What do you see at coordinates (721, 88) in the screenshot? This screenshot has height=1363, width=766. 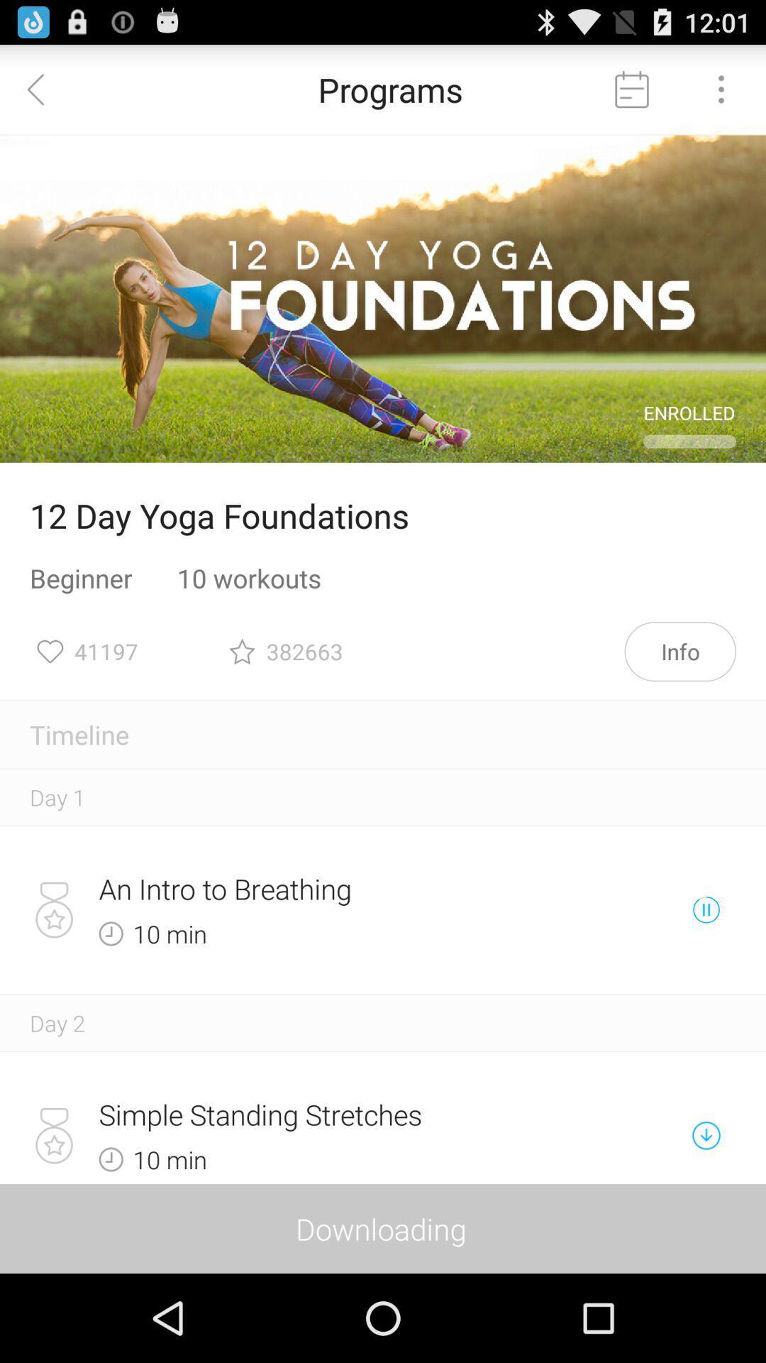 I see `opens options menu` at bounding box center [721, 88].